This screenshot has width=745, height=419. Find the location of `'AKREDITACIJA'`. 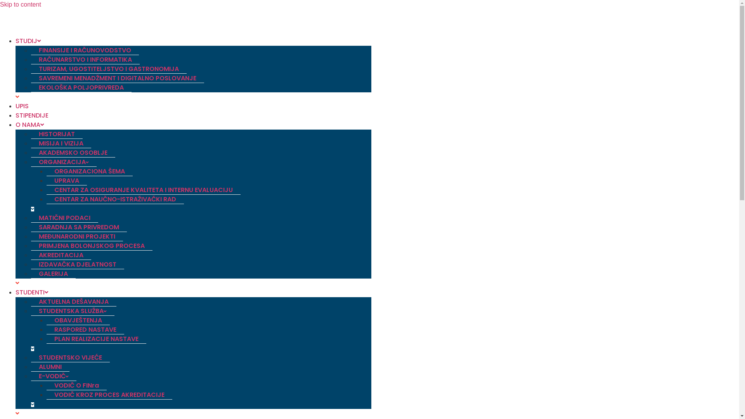

'AKREDITACIJA' is located at coordinates (61, 255).